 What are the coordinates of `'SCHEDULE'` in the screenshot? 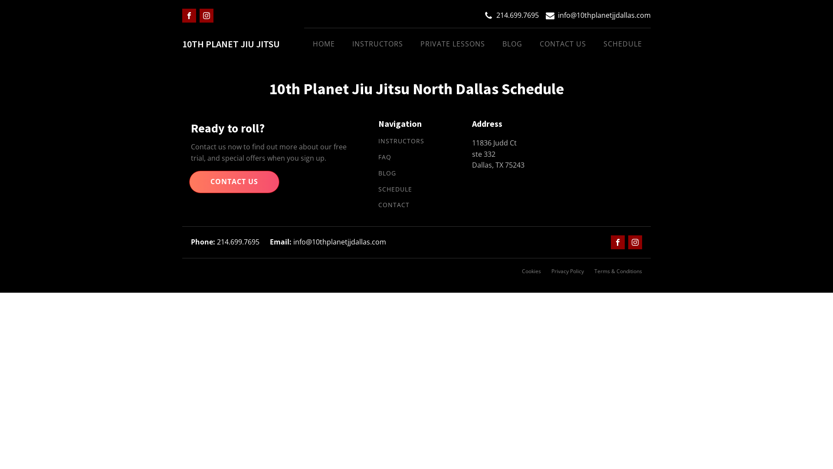 It's located at (395, 189).